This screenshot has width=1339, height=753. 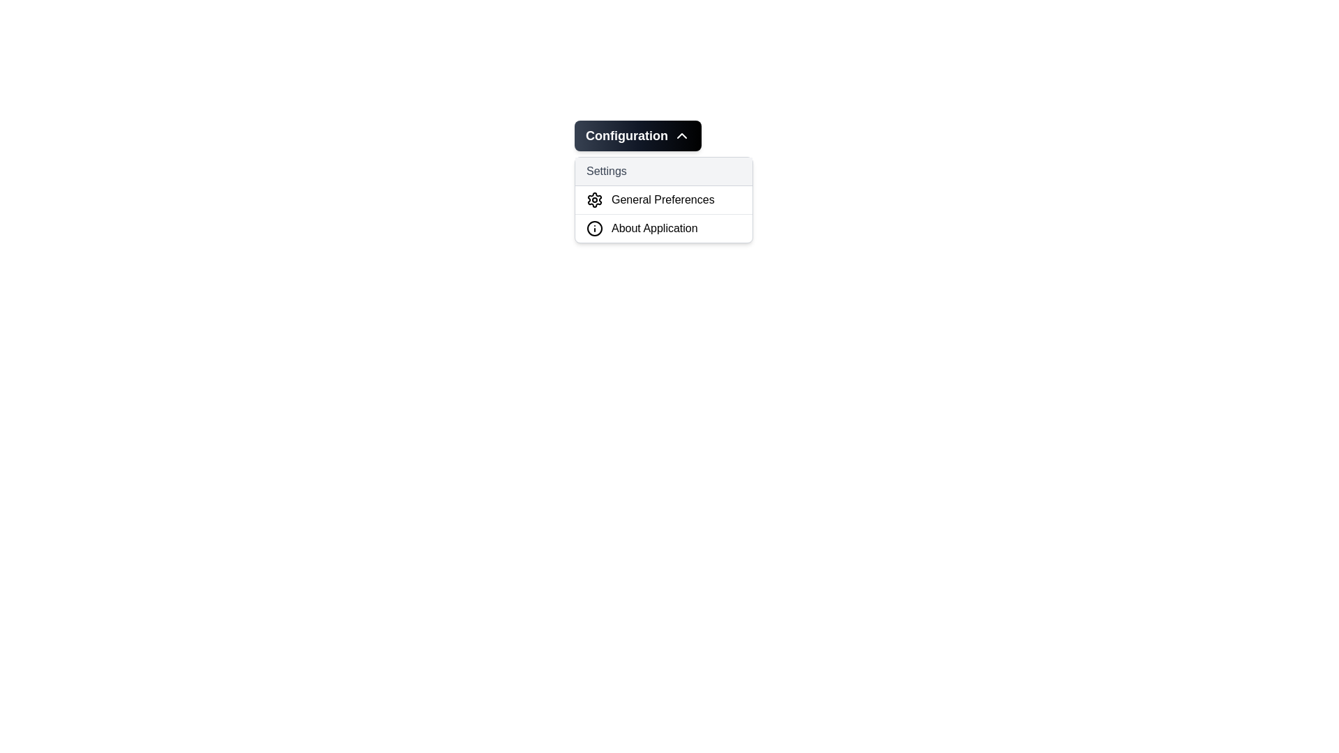 What do you see at coordinates (663, 199) in the screenshot?
I see `the 'General Preferences' button, which is the first item under the 'Settings' header in the dropdown menu` at bounding box center [663, 199].